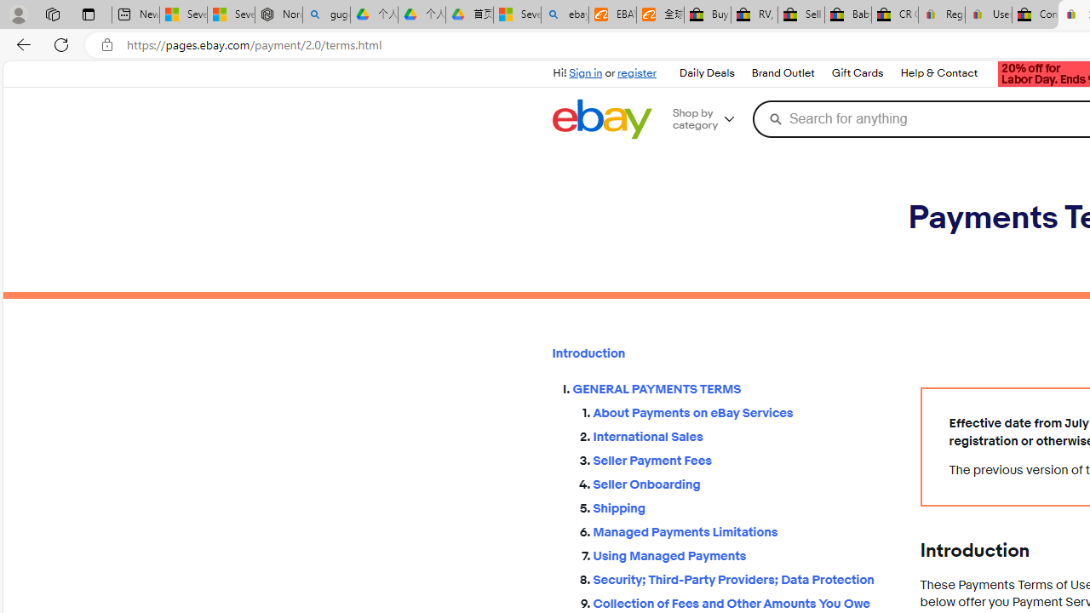 The width and height of the screenshot is (1090, 613). I want to click on 'About Payments on eBay Services', so click(743, 410).